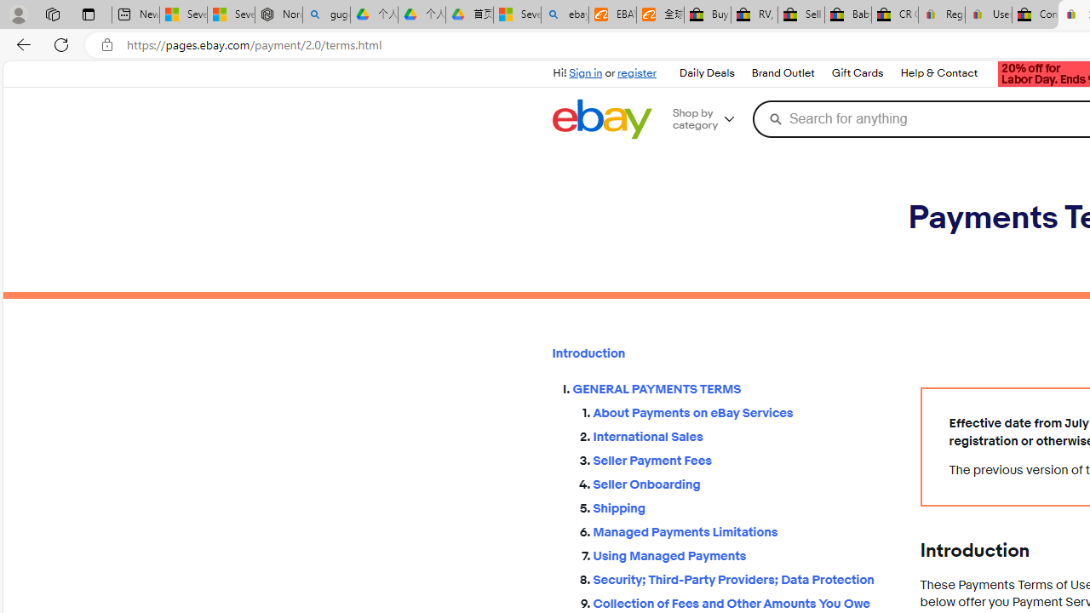 The width and height of the screenshot is (1090, 613). I want to click on 'About Payments on eBay Services', so click(743, 410).